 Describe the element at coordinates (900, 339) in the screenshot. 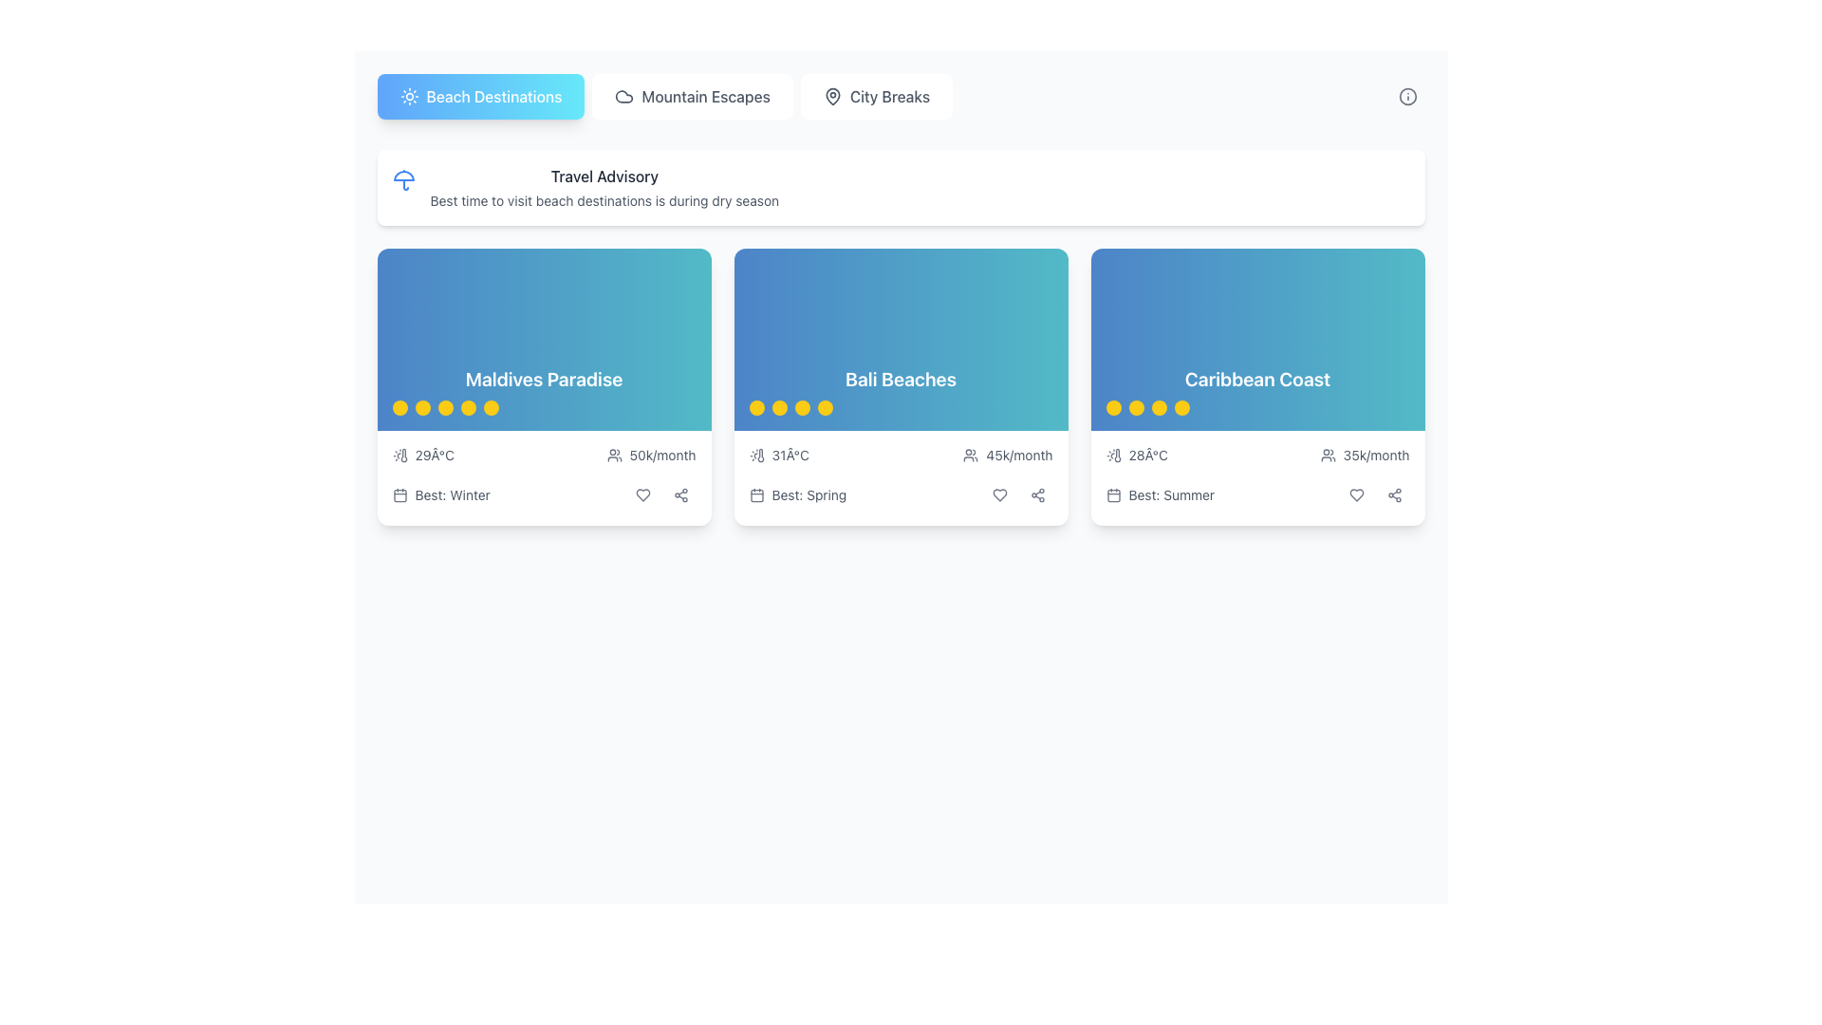

I see `the Bali Beaches destination card, which is the second card in a row of three destination cards, positioned centrally between Maldives Paradise and Caribbean Coast` at that location.